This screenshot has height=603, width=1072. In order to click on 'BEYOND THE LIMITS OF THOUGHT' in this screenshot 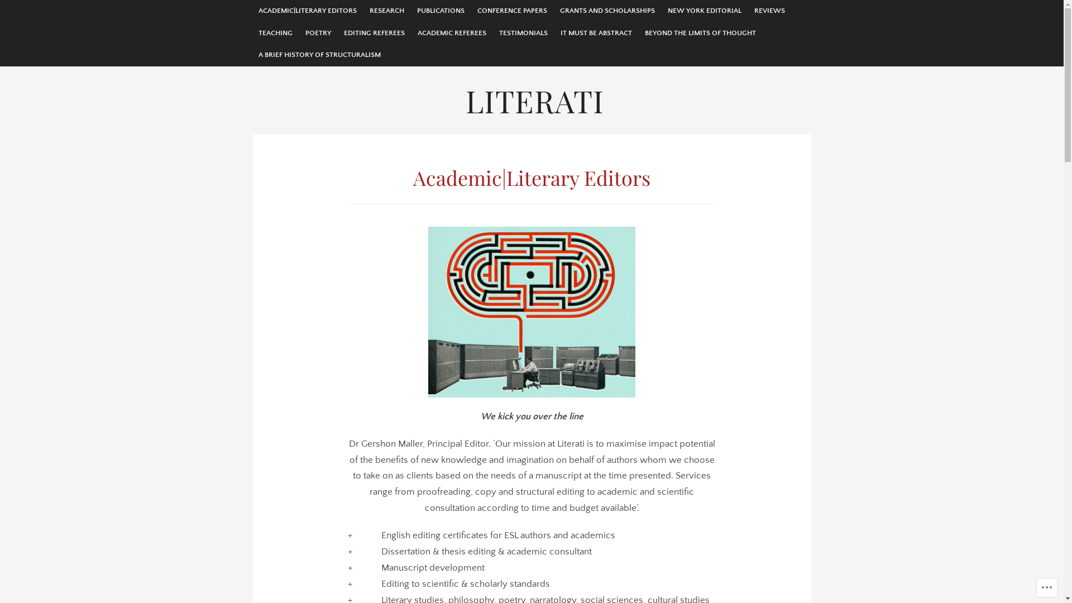, I will do `click(699, 33)`.